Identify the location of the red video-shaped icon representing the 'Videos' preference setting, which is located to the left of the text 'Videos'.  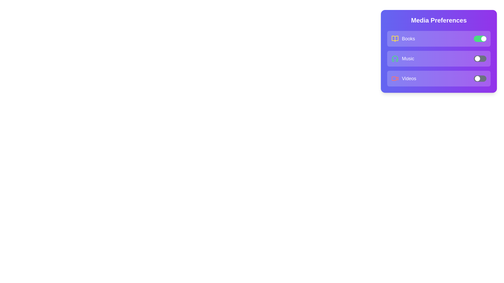
(397, 78).